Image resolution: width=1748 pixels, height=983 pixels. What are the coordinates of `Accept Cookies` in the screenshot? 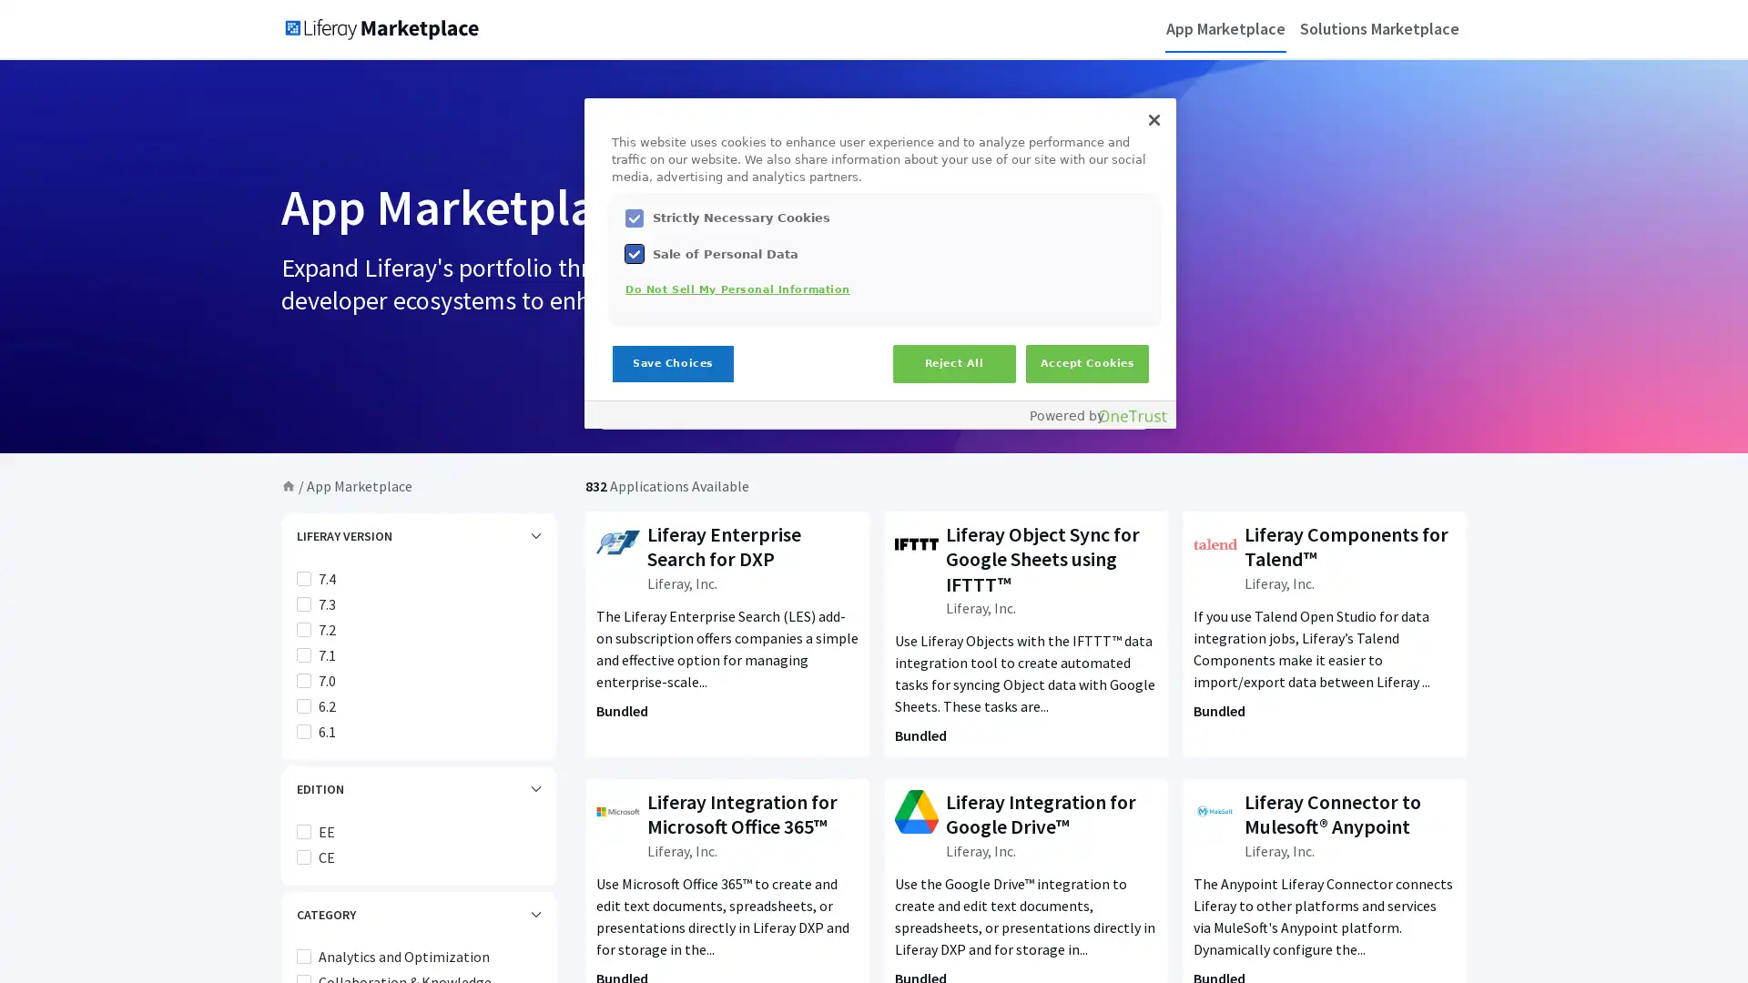 It's located at (1087, 362).